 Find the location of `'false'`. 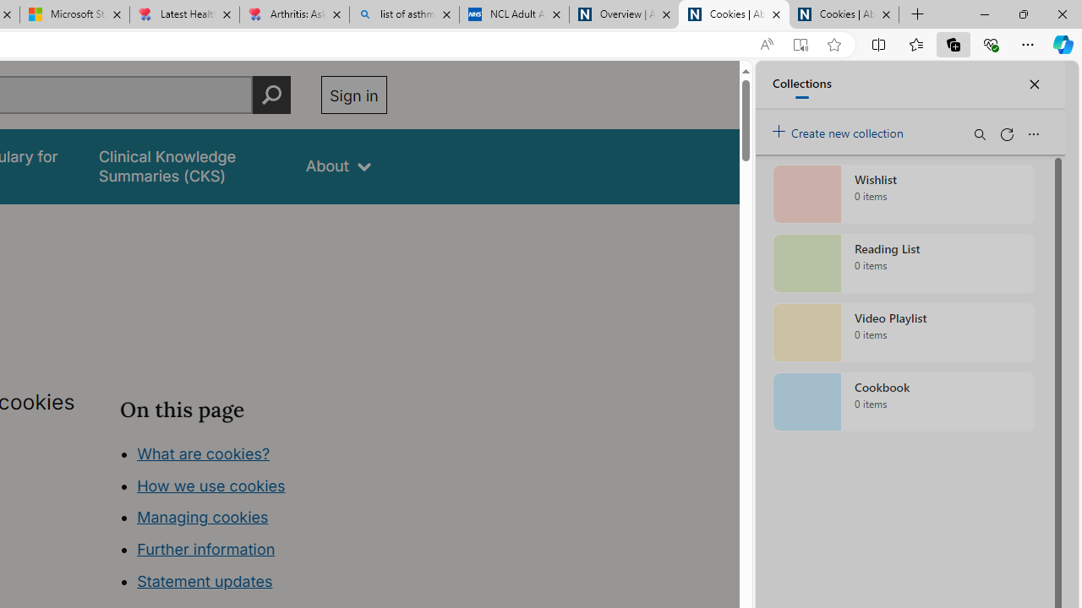

'false' is located at coordinates (187, 166).